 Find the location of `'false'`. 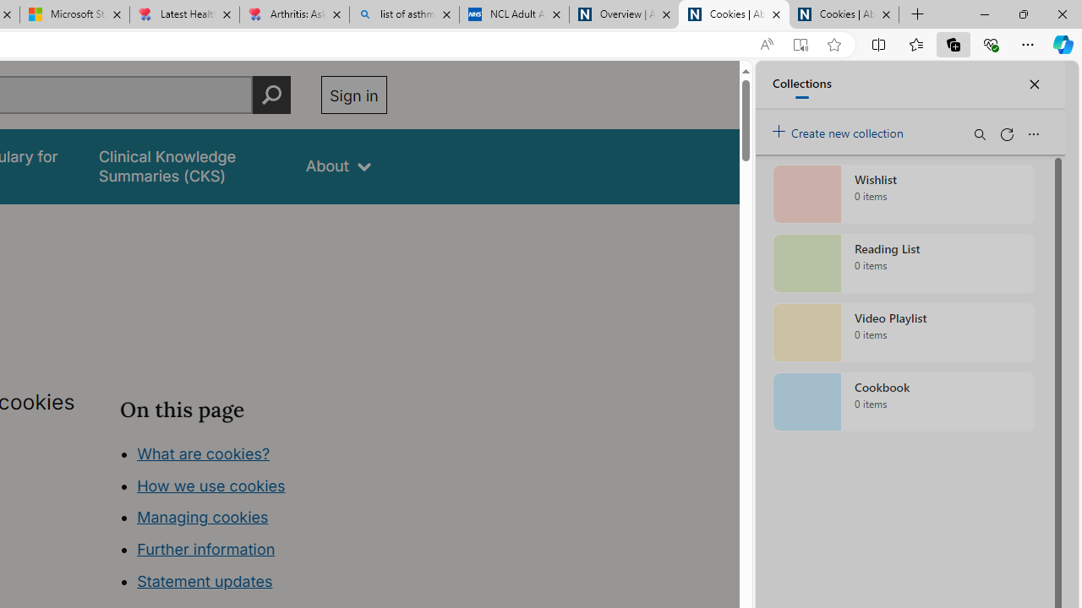

'false' is located at coordinates (187, 166).